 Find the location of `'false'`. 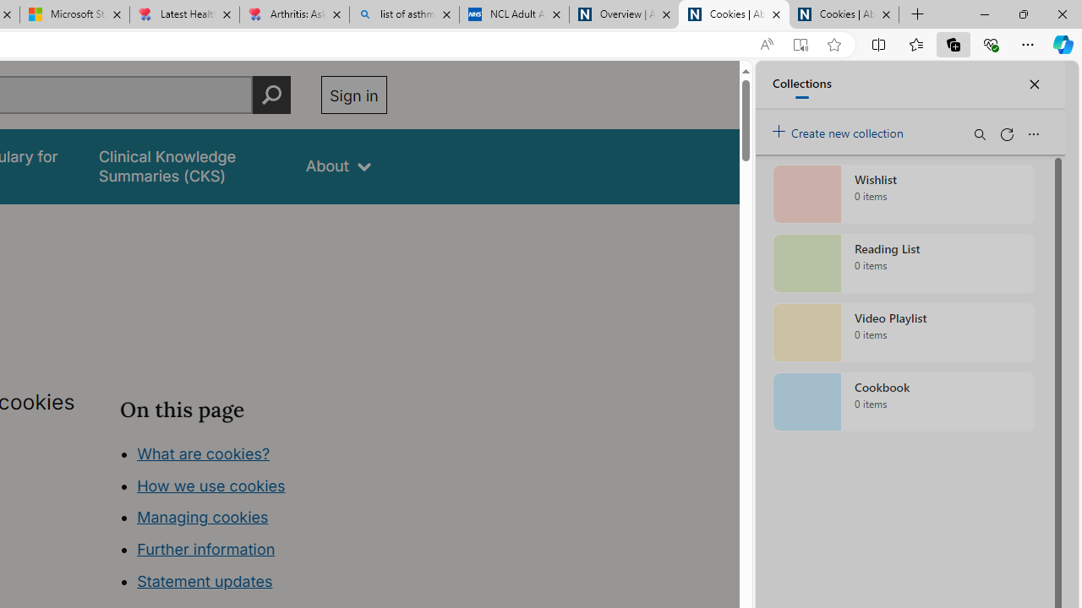

'false' is located at coordinates (187, 166).